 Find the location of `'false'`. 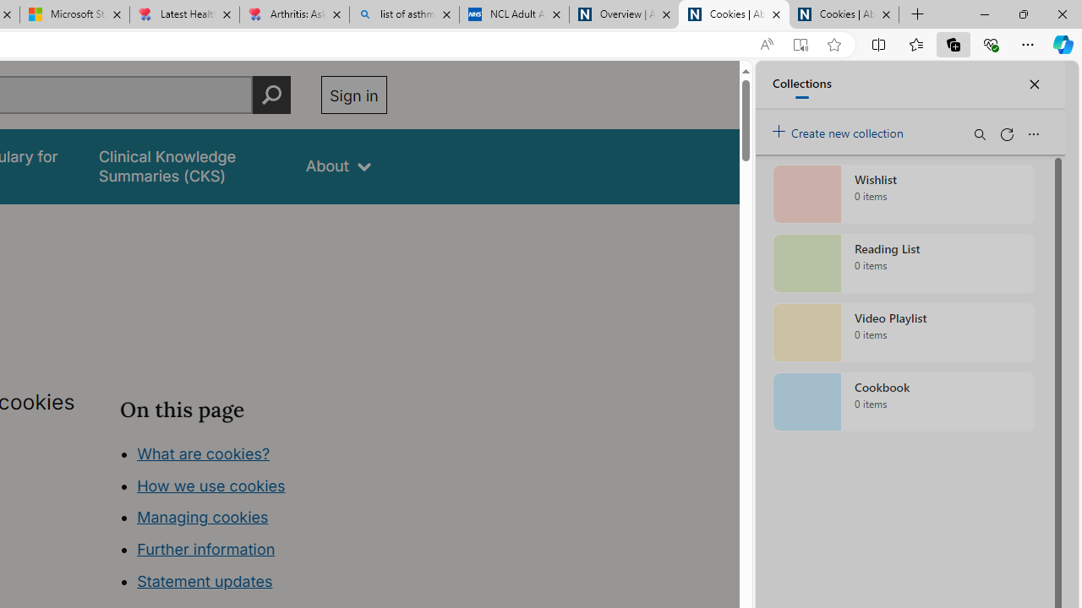

'false' is located at coordinates (187, 166).